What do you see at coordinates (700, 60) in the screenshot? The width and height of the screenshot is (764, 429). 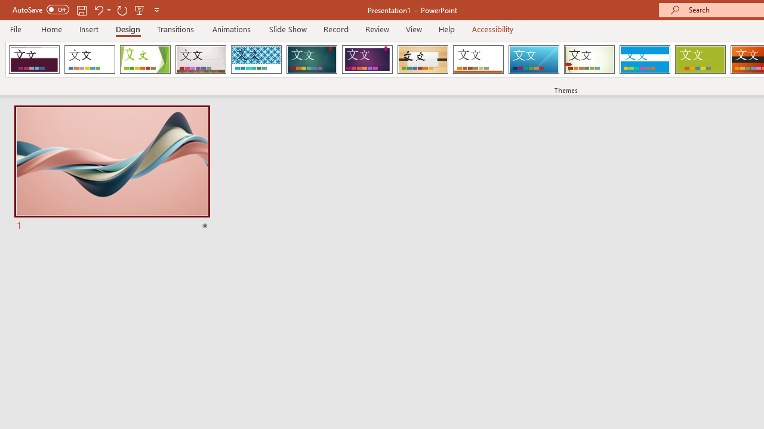 I see `'Basis'` at bounding box center [700, 60].